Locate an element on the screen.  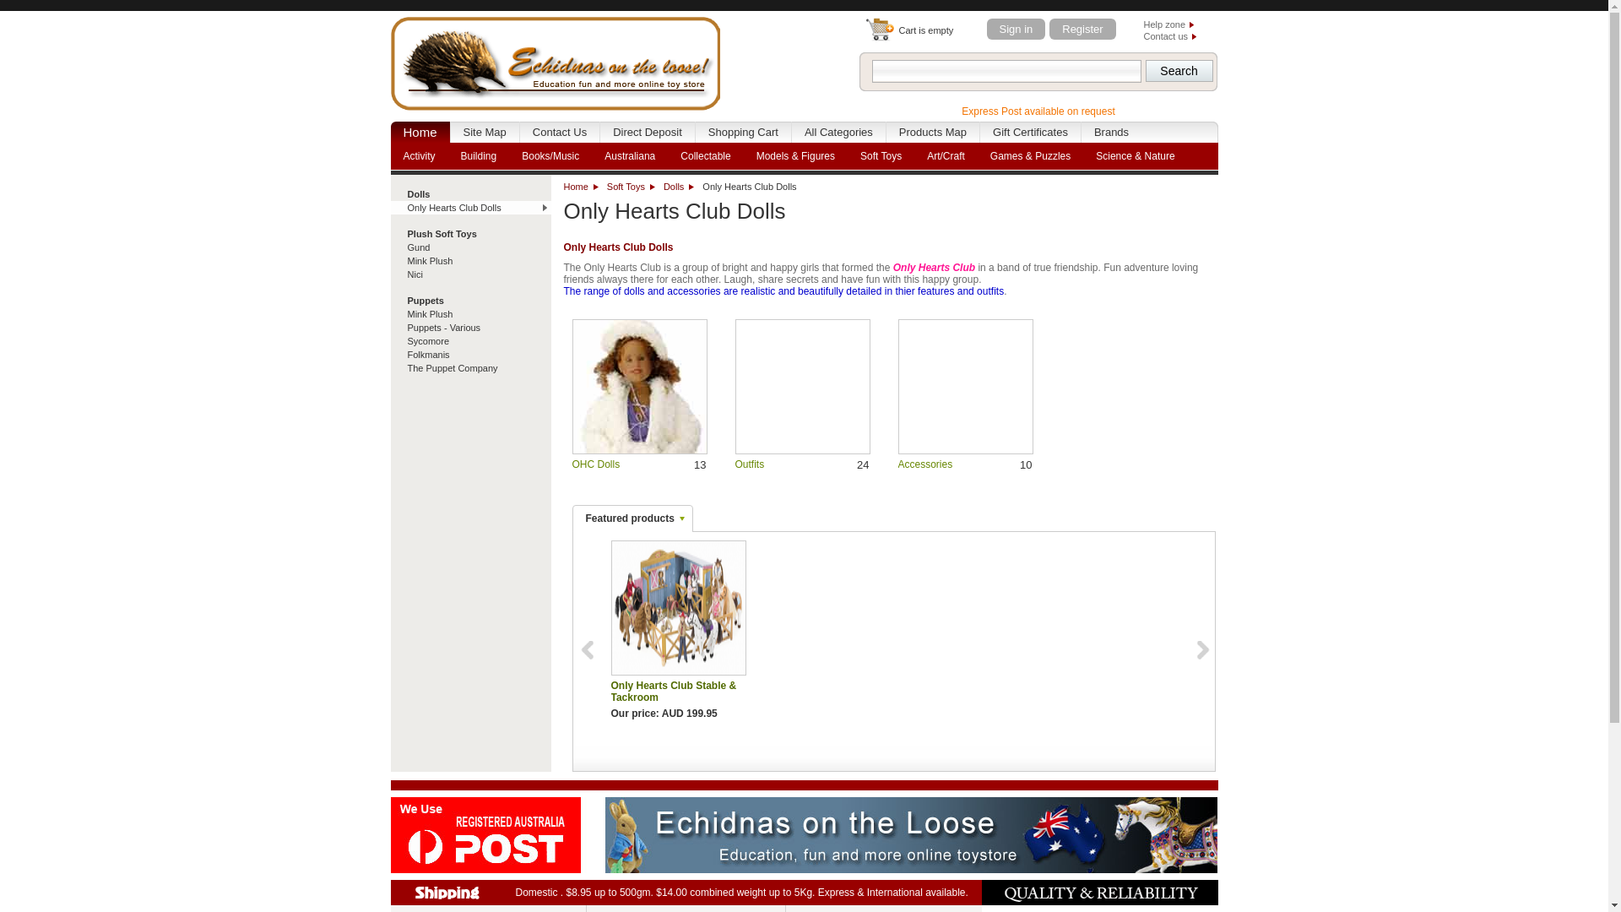
'Sycomore' is located at coordinates (388, 341).